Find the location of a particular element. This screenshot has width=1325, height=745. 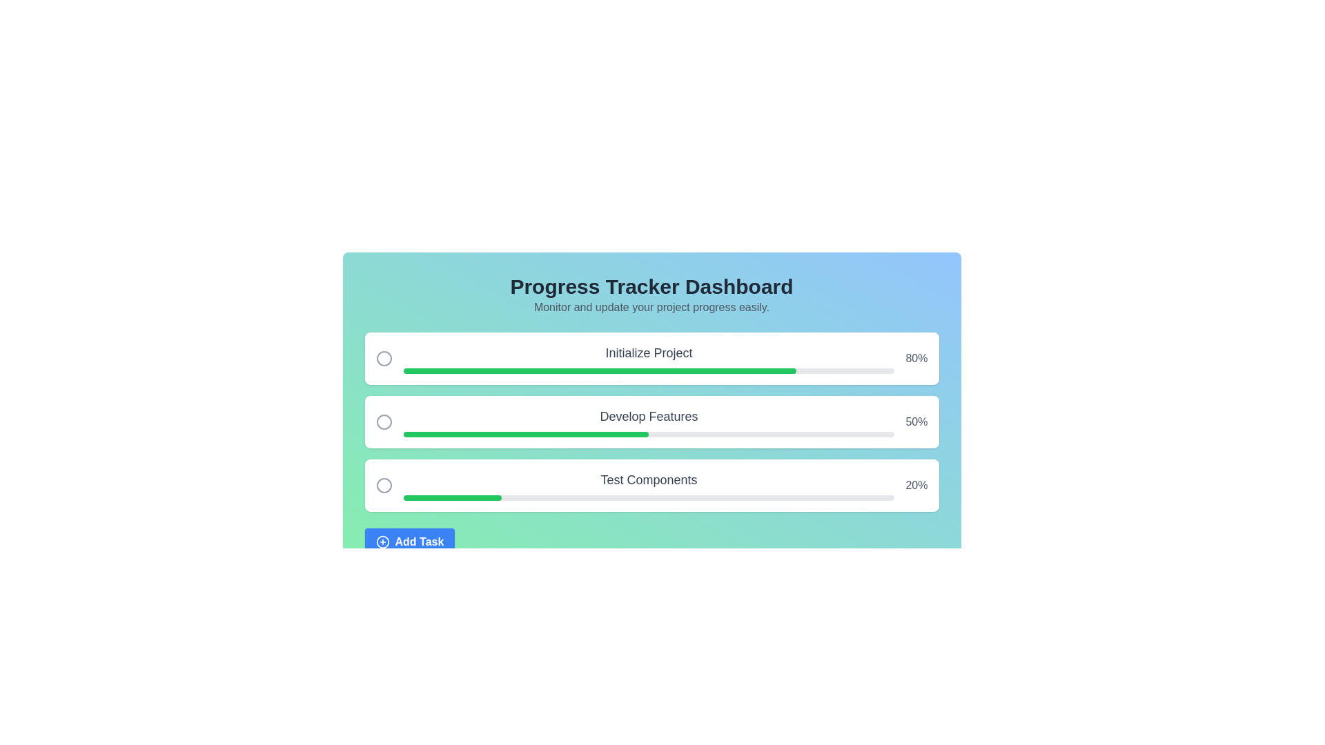

details of the Circle SVG Element located in the bottom-left corner of the interface, adjacent to the 'Add Task' button using developer tools is located at coordinates (382, 542).